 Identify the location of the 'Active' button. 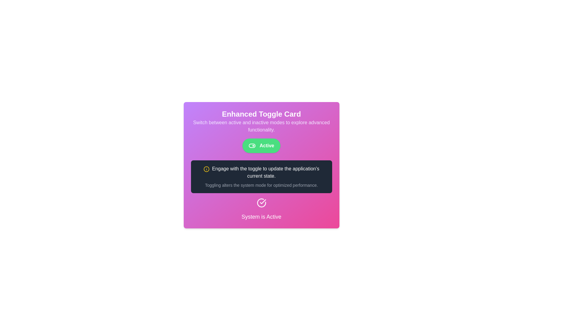
(261, 145).